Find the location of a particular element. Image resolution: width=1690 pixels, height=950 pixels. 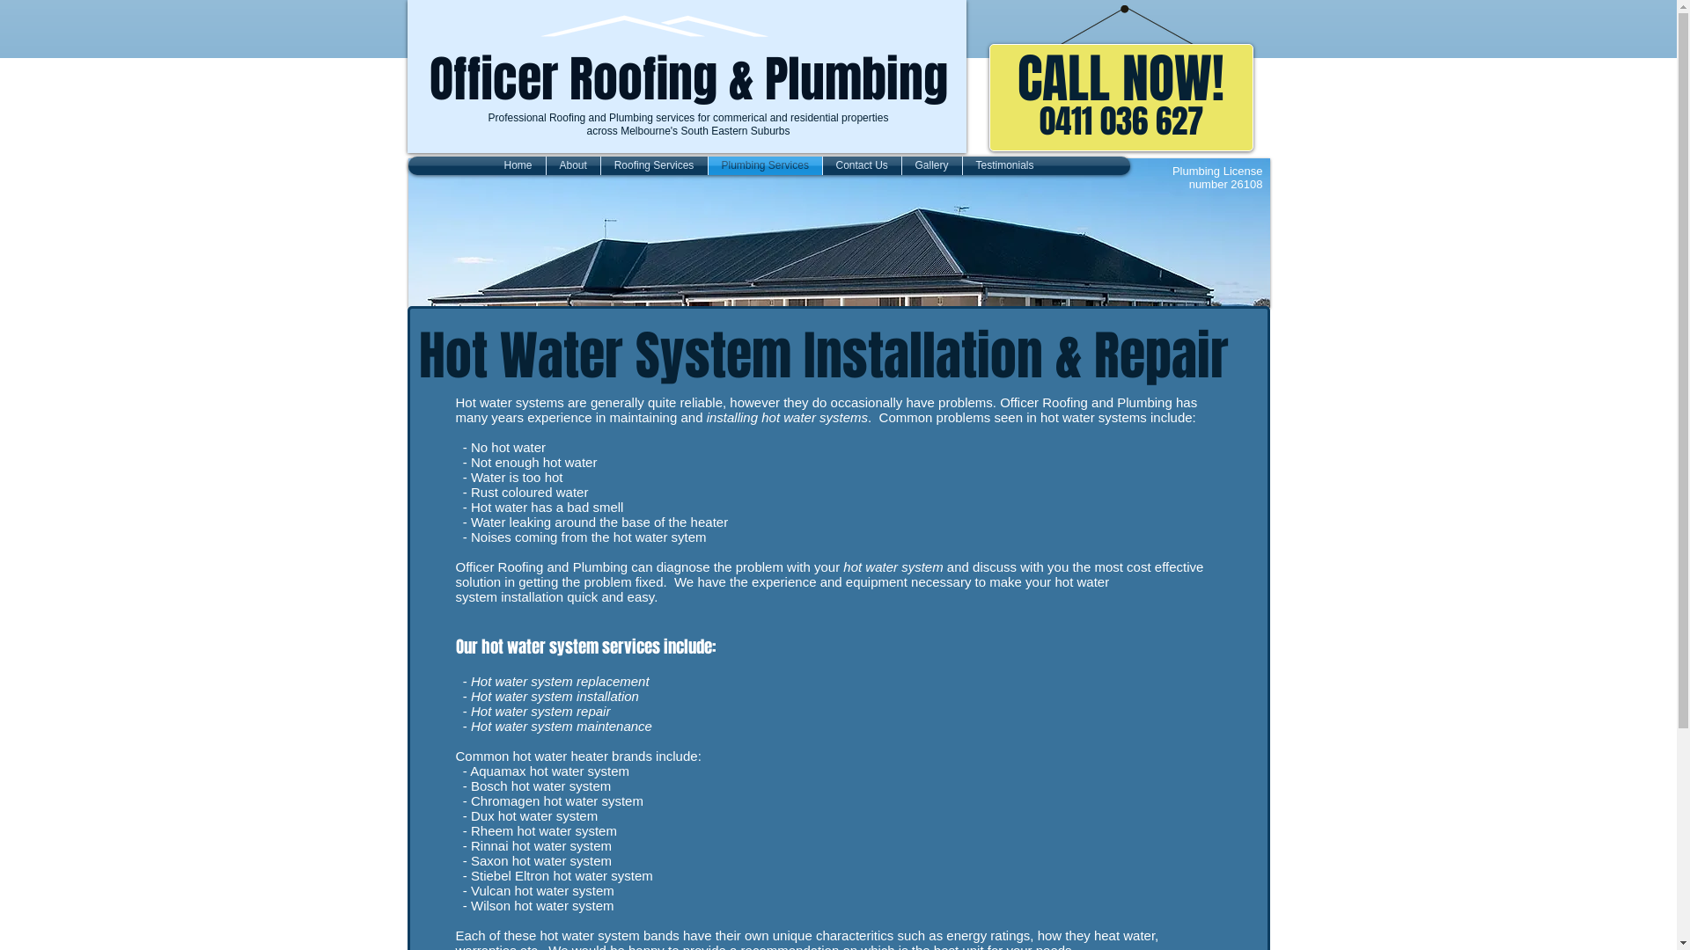

'Gallery' is located at coordinates (929, 165).